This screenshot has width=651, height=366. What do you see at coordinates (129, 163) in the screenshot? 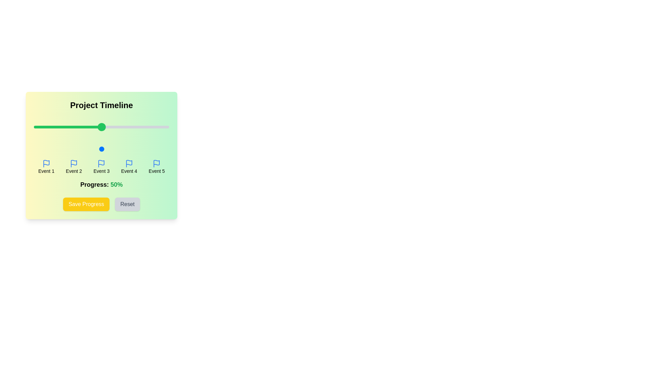
I see `the flag icon for Event 4` at bounding box center [129, 163].